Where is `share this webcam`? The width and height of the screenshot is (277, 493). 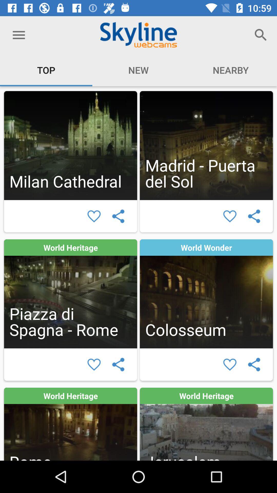 share this webcam is located at coordinates (118, 364).